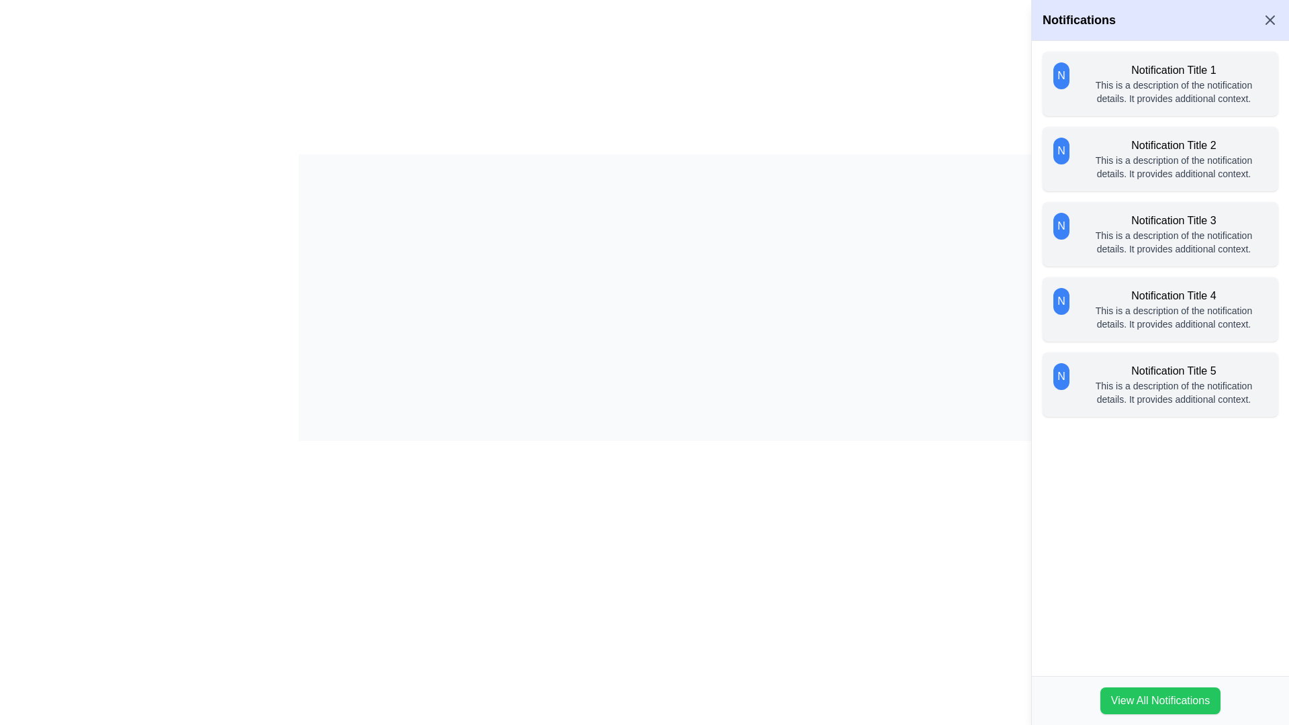  What do you see at coordinates (1173, 83) in the screenshot?
I see `the first notification item titled 'Notification Title 1'` at bounding box center [1173, 83].